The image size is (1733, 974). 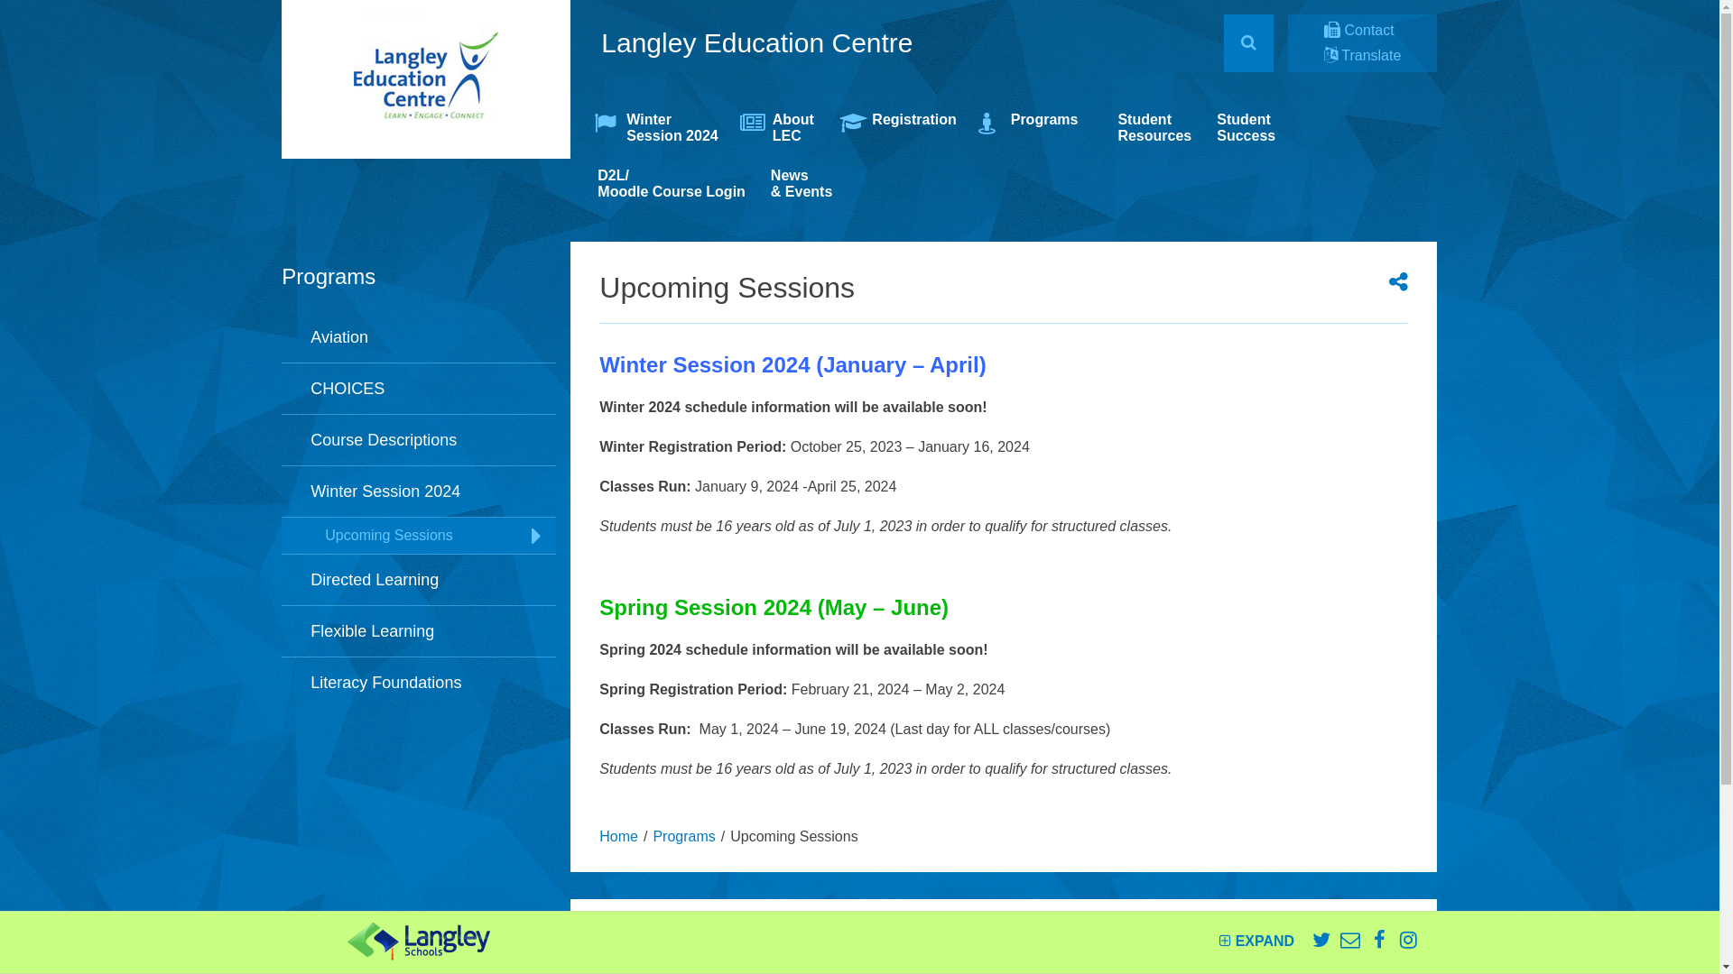 I want to click on ' Translate', so click(x=1324, y=54).